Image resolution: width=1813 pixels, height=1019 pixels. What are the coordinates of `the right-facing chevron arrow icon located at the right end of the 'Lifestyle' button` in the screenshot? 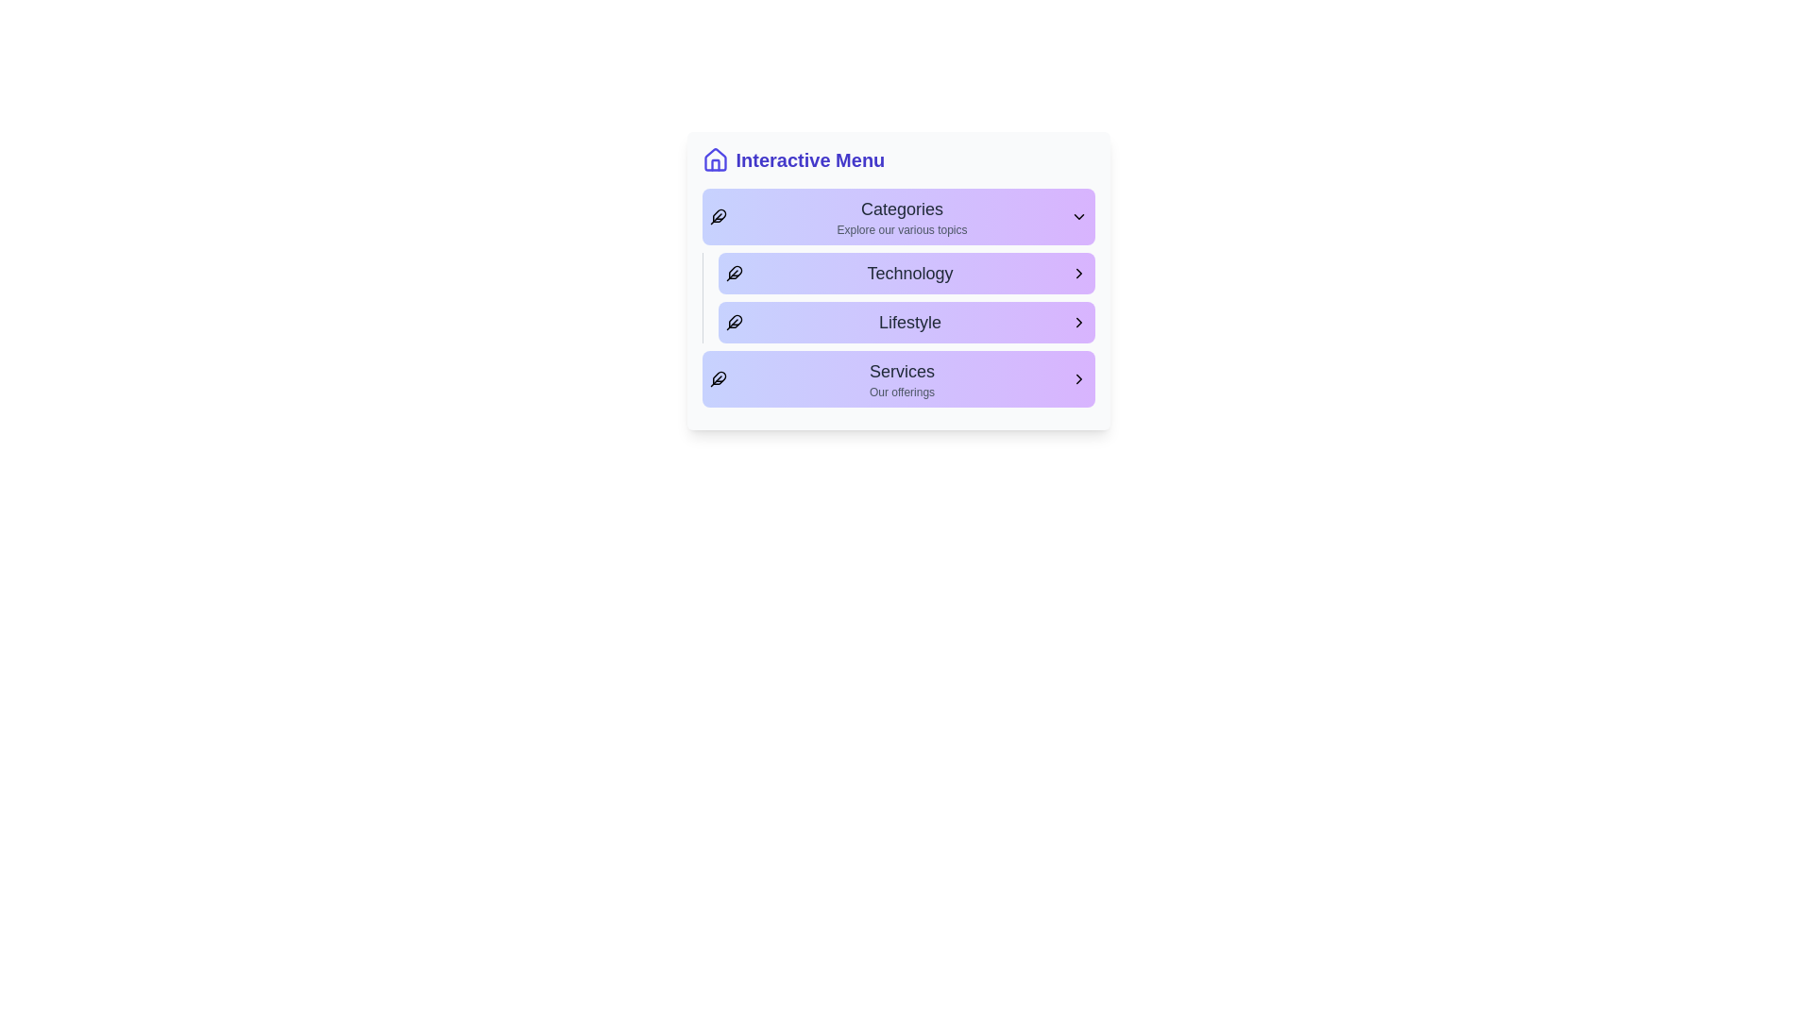 It's located at (1078, 322).